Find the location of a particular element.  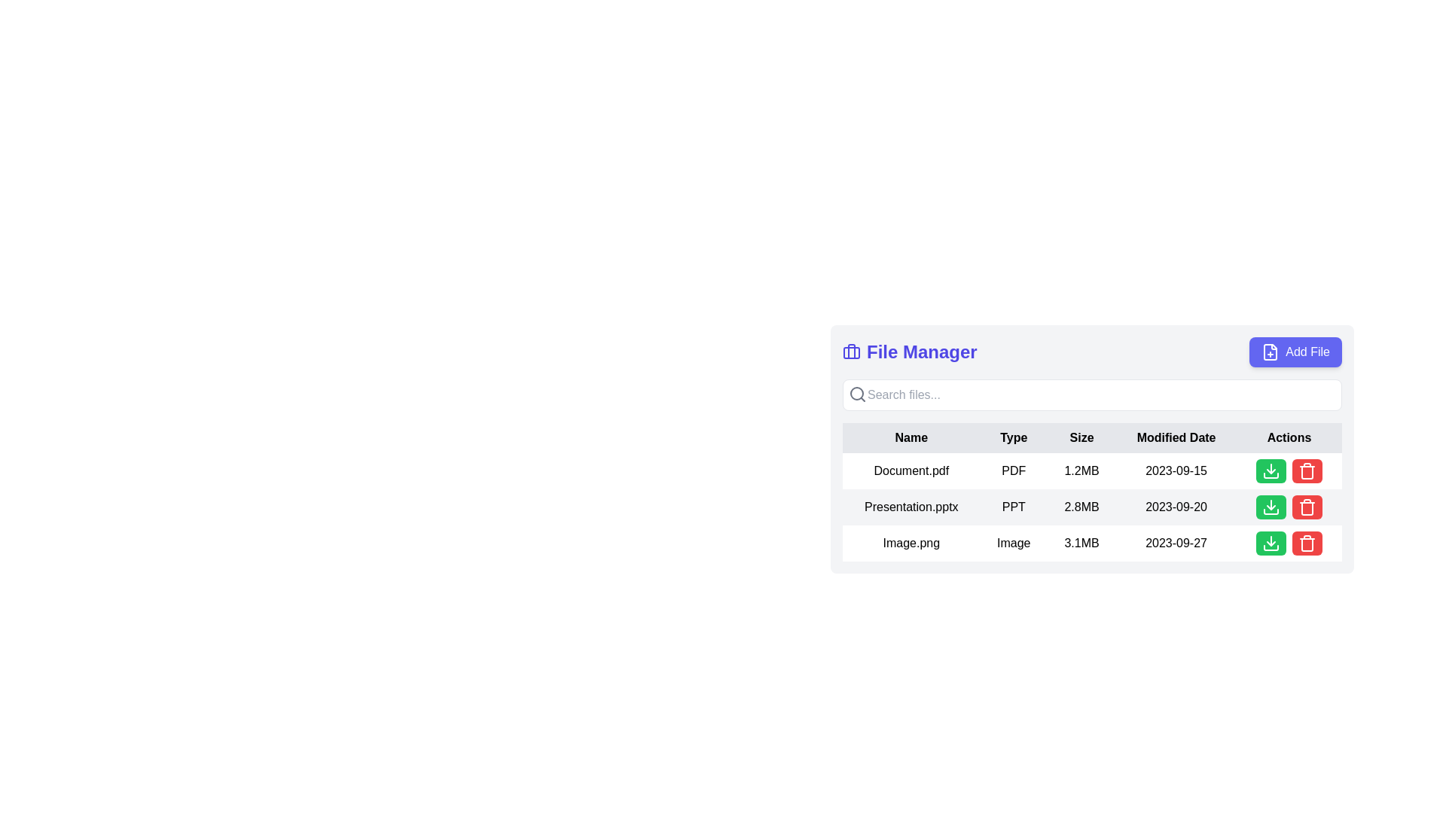

the delete button with an icon located in the top-right section of the 'Actions' column for the first row in the grid is located at coordinates (1307, 470).